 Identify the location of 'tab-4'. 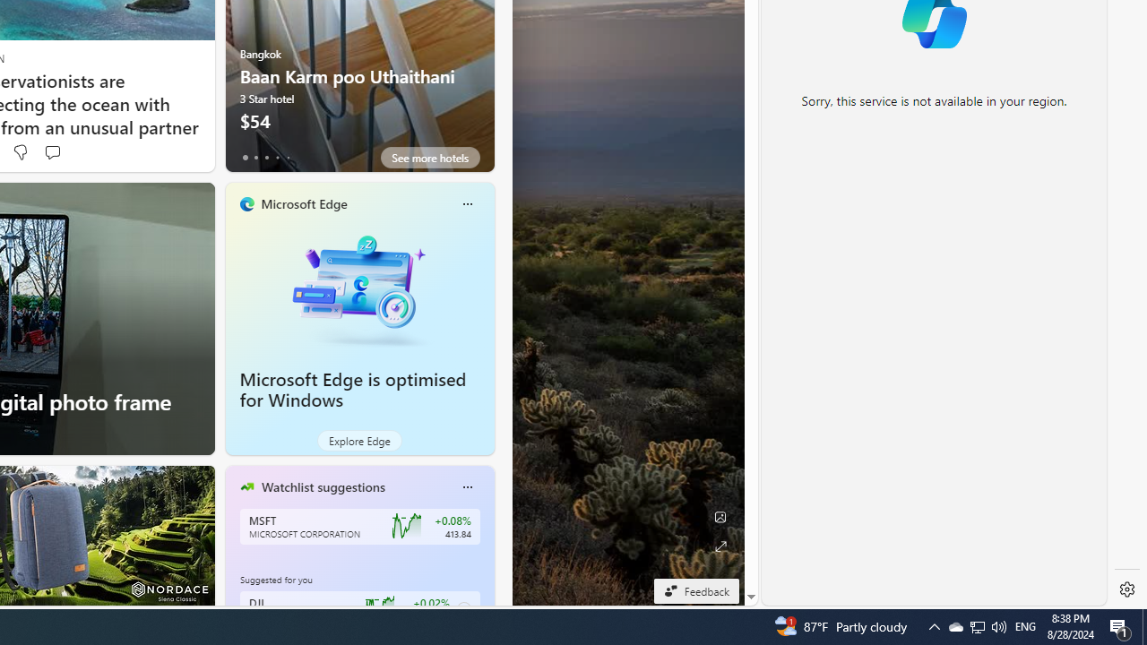
(288, 157).